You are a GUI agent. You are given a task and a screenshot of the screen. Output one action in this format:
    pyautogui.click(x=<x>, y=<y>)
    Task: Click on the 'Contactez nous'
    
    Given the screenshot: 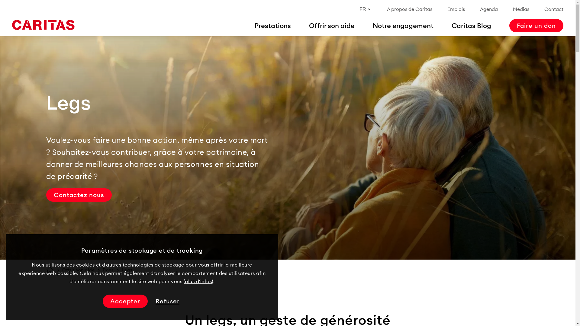 What is the action you would take?
    pyautogui.click(x=78, y=195)
    